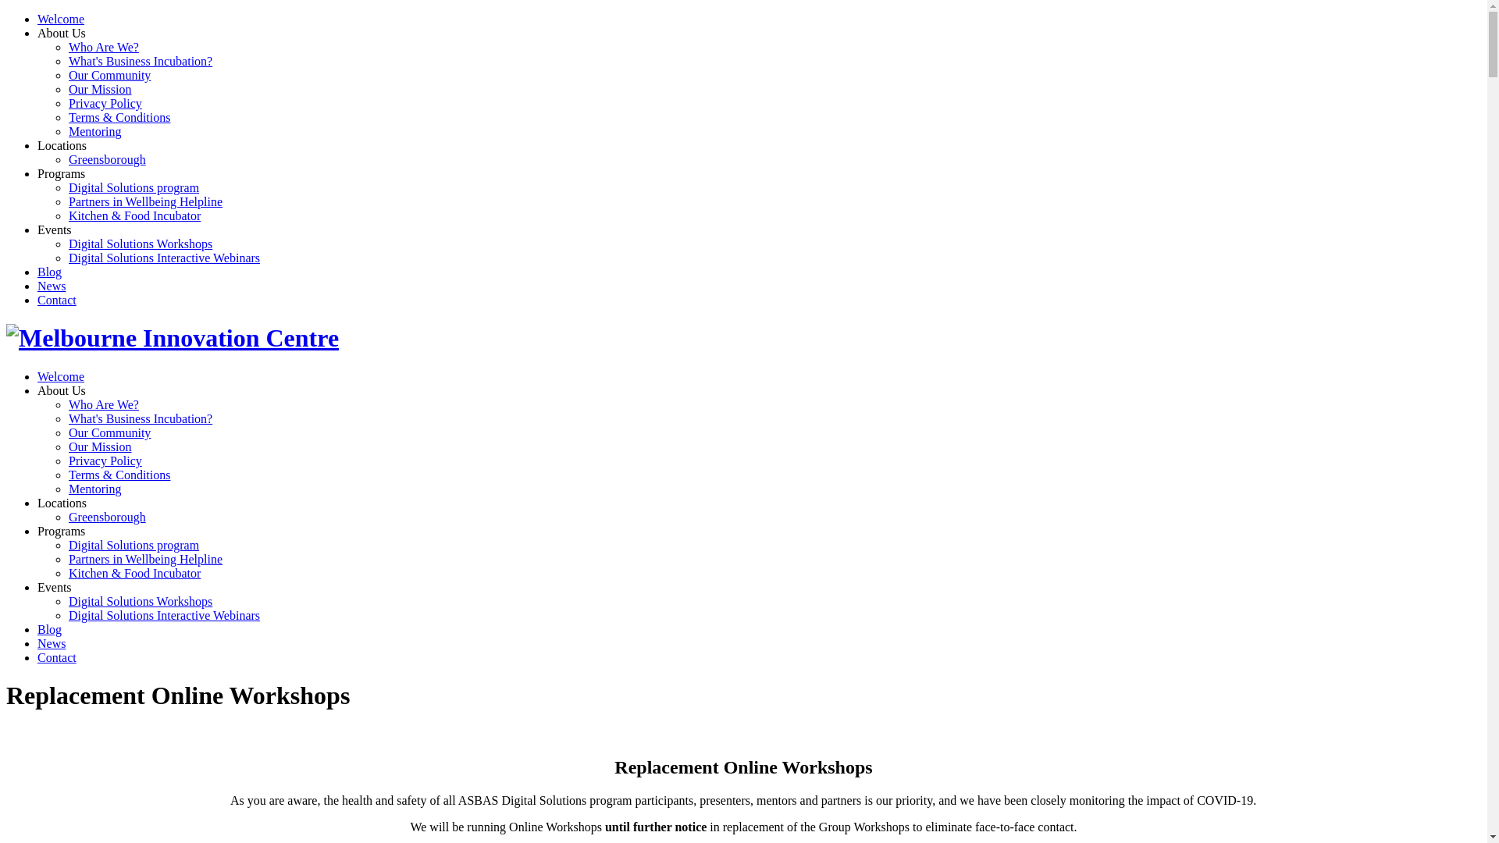 Image resolution: width=1499 pixels, height=843 pixels. What do you see at coordinates (37, 530) in the screenshot?
I see `'Programs'` at bounding box center [37, 530].